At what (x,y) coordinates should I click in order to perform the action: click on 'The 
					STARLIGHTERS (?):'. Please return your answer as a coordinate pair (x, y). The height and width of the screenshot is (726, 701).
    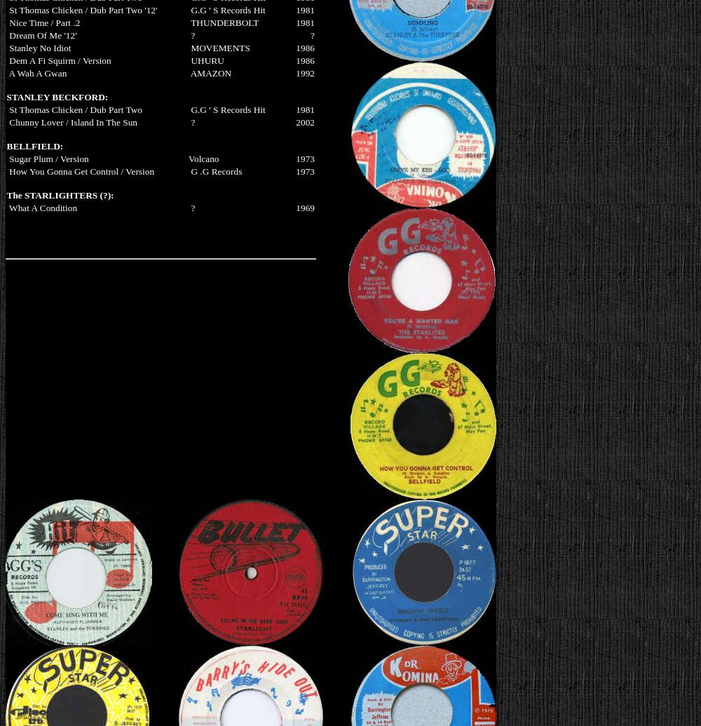
    Looking at the image, I should click on (59, 194).